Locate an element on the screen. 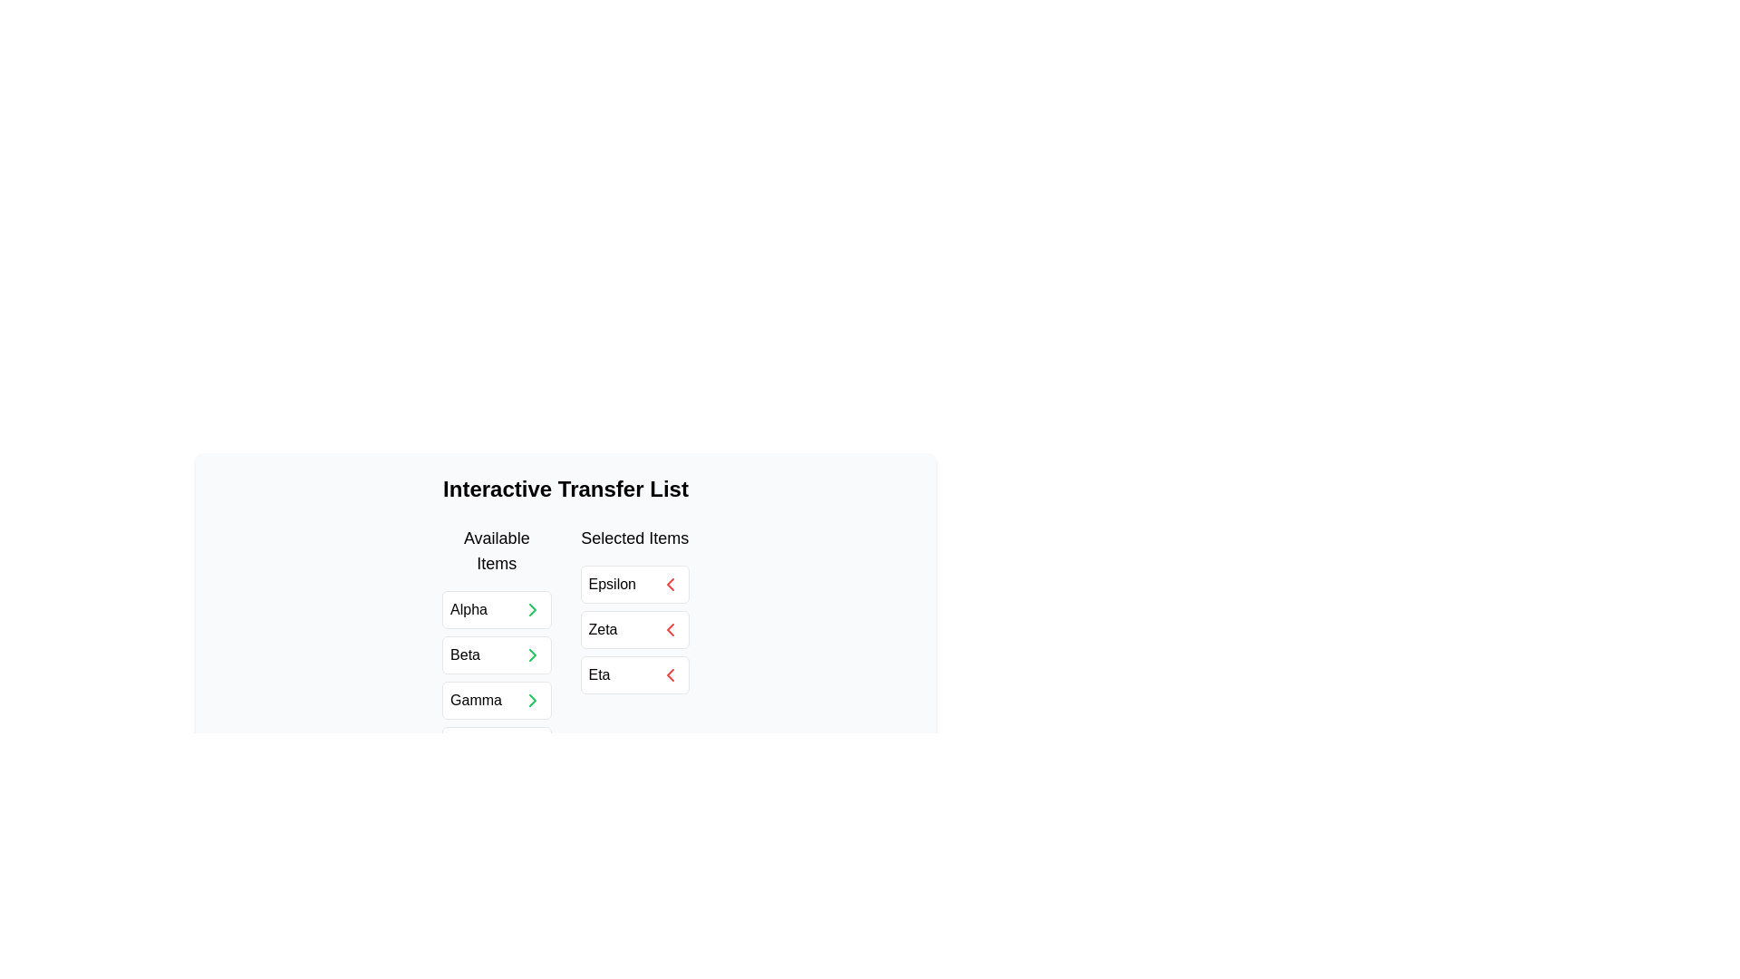 This screenshot has width=1740, height=979. green arrow button next to the item Alpha in the 'Available Items' list to move it to the 'Selected Items' list is located at coordinates (531, 609).